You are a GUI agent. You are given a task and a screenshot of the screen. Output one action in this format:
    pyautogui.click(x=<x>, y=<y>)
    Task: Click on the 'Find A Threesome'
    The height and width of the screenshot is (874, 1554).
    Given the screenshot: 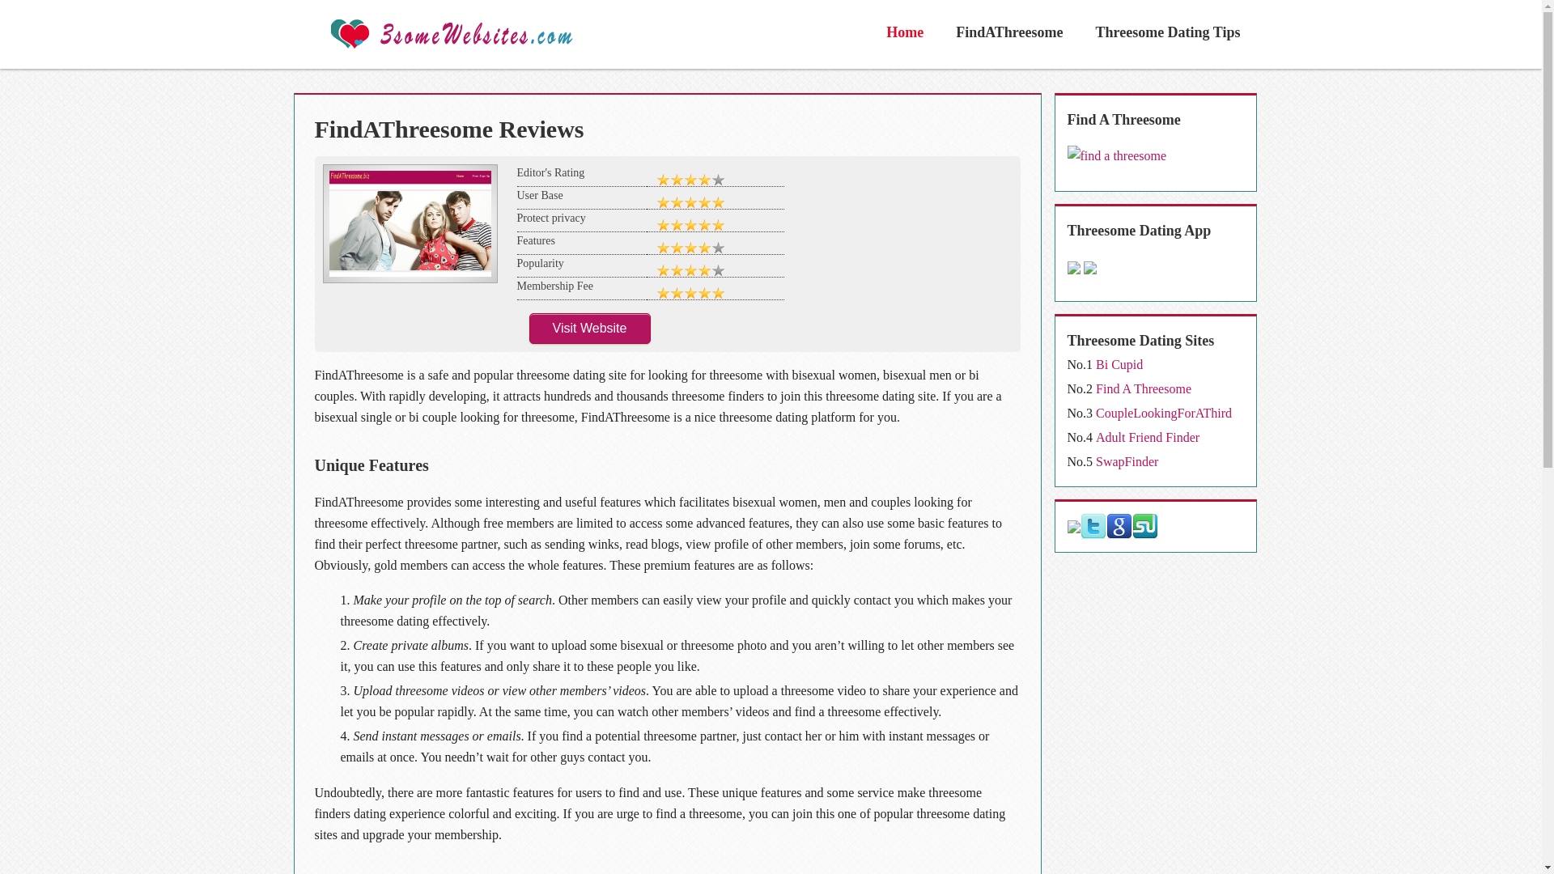 What is the action you would take?
    pyautogui.click(x=1095, y=388)
    